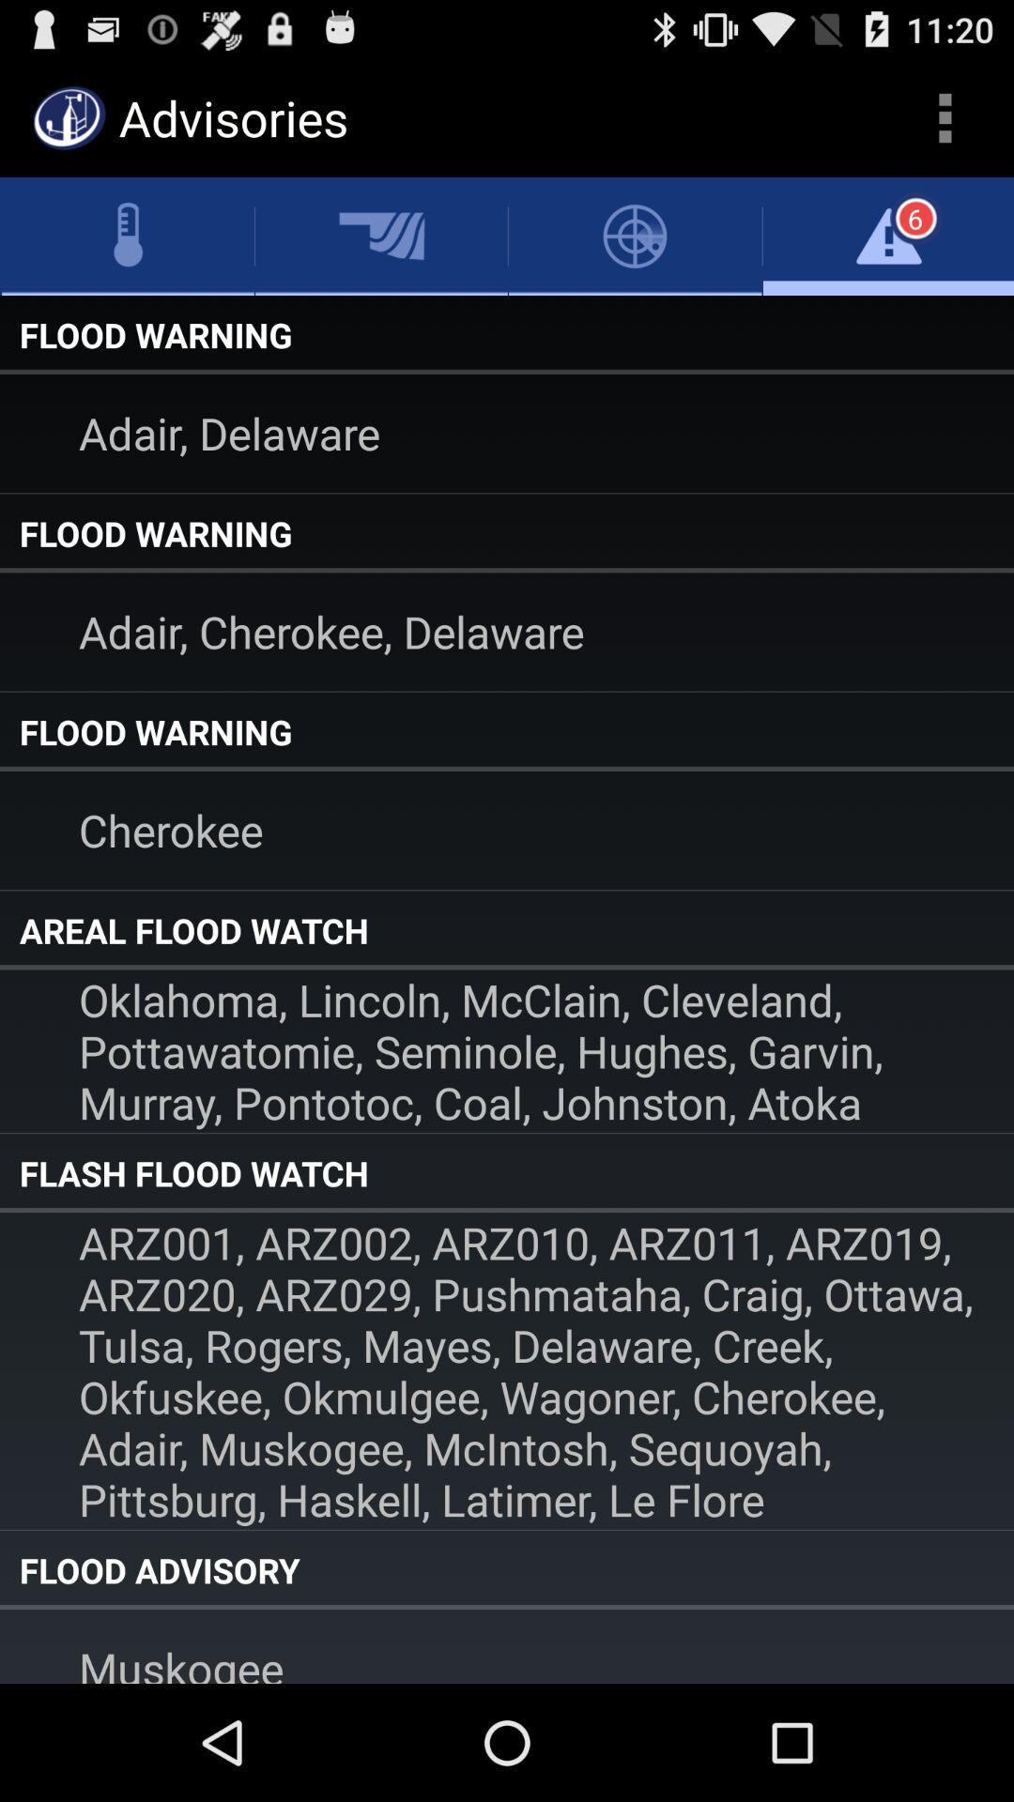 The height and width of the screenshot is (1802, 1014). I want to click on the flood advisory item, so click(507, 1570).